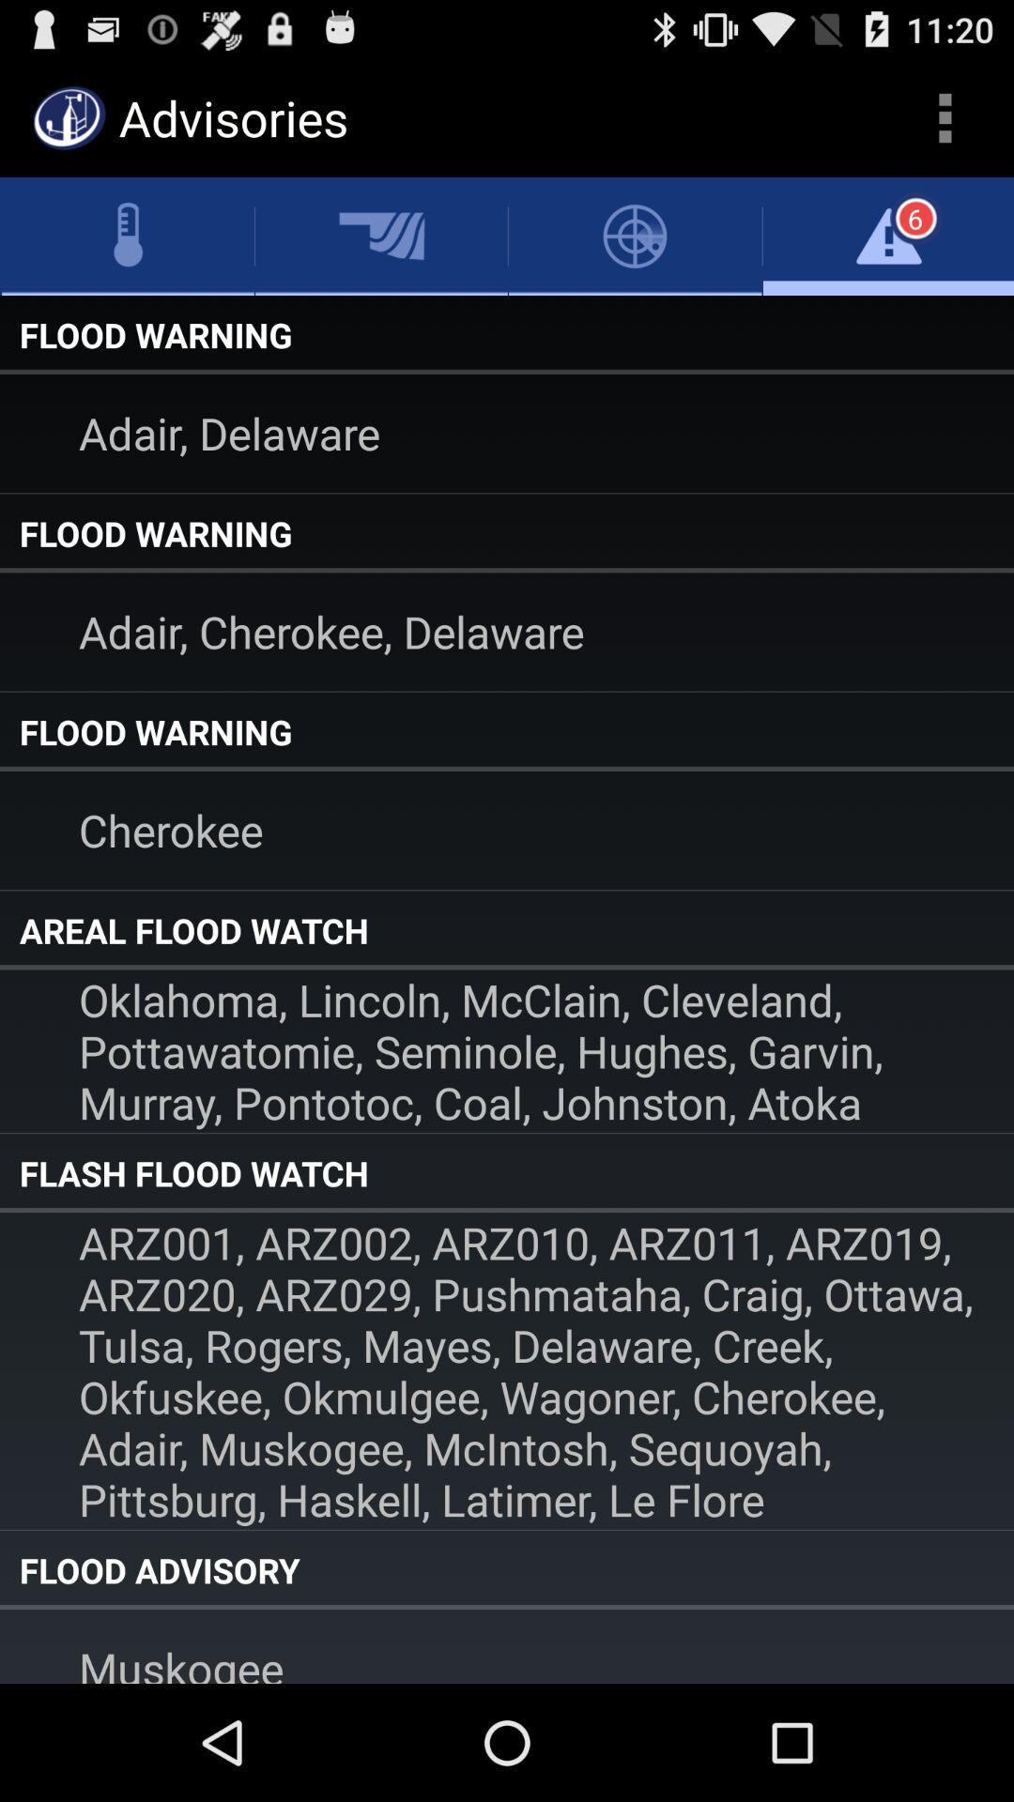 The height and width of the screenshot is (1802, 1014). I want to click on the flood advisory item, so click(507, 1570).